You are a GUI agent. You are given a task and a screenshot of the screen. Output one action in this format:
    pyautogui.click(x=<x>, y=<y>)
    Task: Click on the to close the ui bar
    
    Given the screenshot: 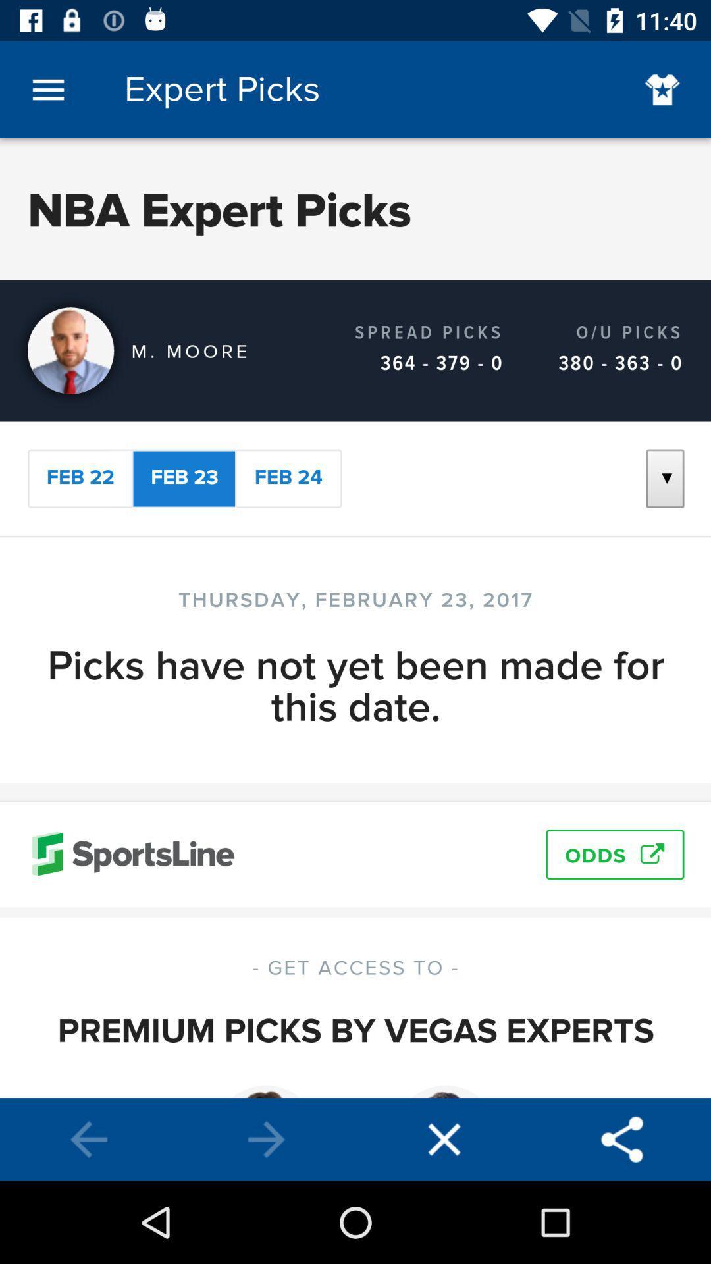 What is the action you would take?
    pyautogui.click(x=444, y=1139)
    